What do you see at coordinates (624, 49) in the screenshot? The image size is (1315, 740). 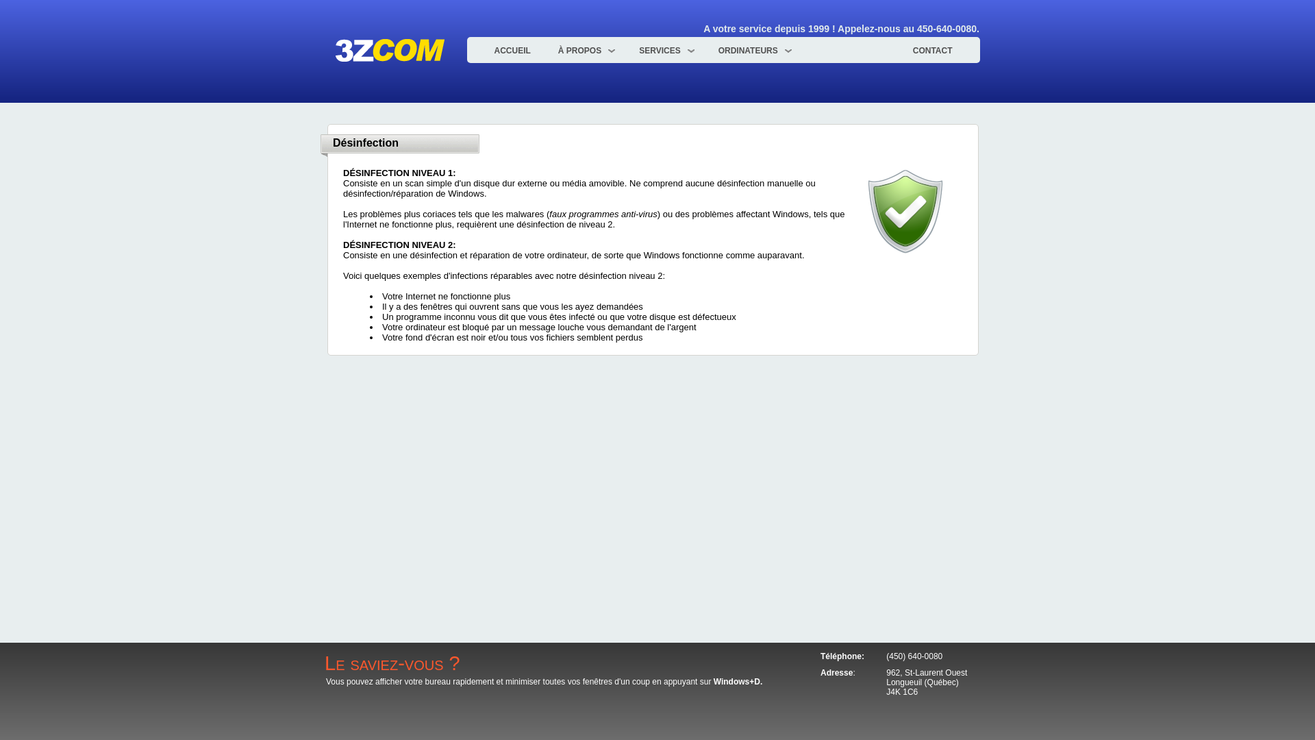 I see `'SERVICES'` at bounding box center [624, 49].